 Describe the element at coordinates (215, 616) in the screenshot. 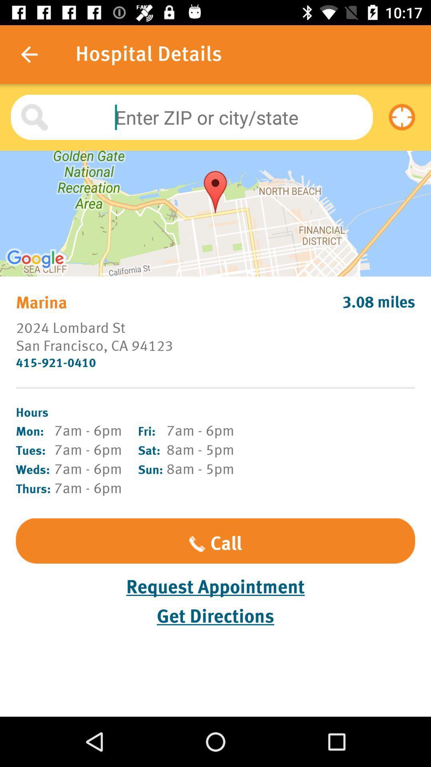

I see `the get directions` at that location.